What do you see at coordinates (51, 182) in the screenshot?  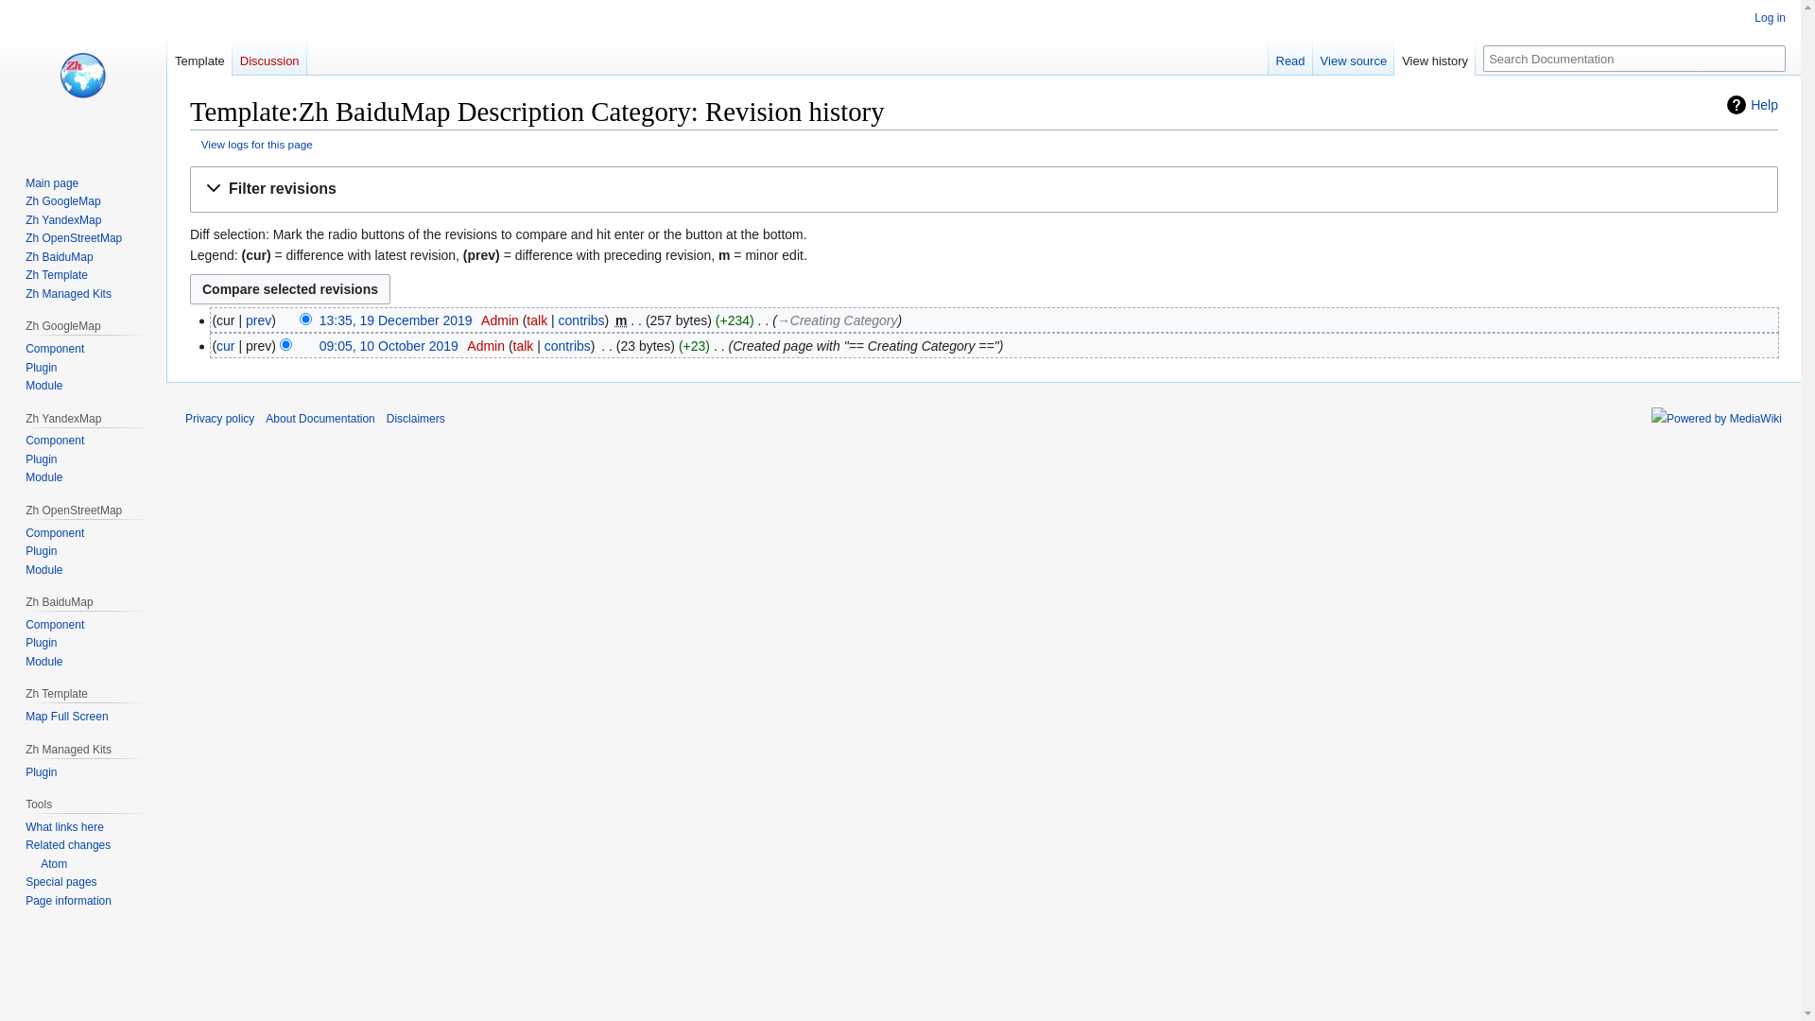 I see `'Main page'` at bounding box center [51, 182].